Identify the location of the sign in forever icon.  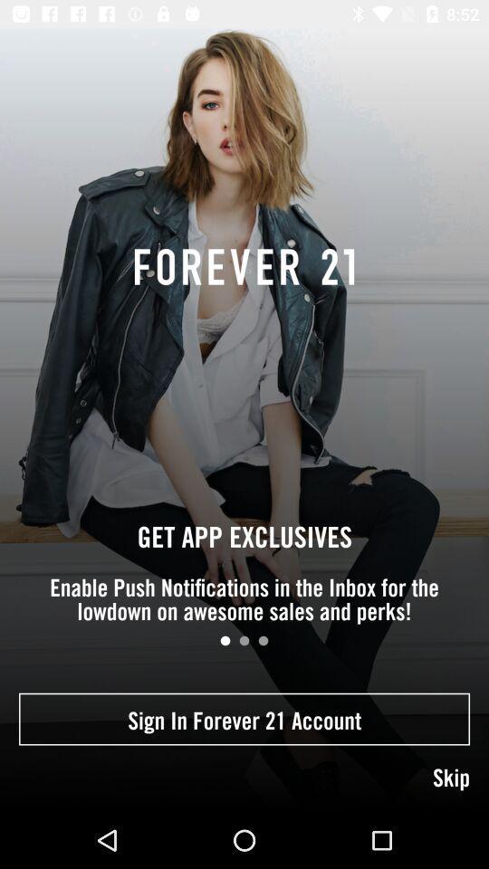
(244, 719).